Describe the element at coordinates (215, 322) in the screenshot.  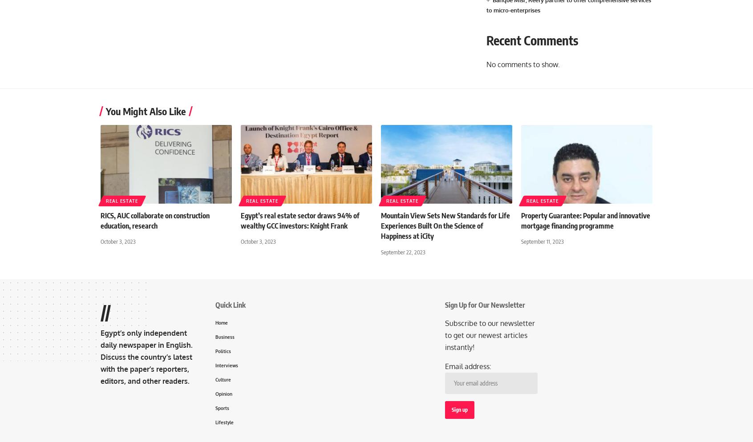
I see `'Home'` at that location.